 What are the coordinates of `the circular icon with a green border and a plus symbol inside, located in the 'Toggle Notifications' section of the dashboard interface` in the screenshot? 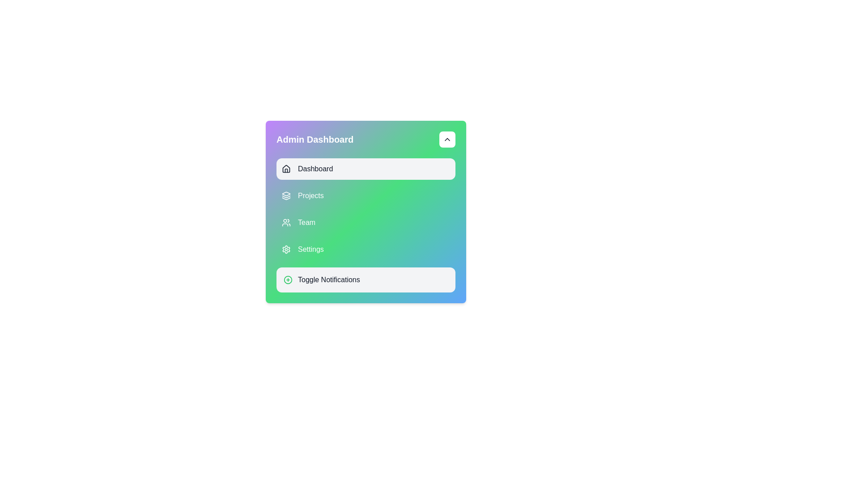 It's located at (288, 279).